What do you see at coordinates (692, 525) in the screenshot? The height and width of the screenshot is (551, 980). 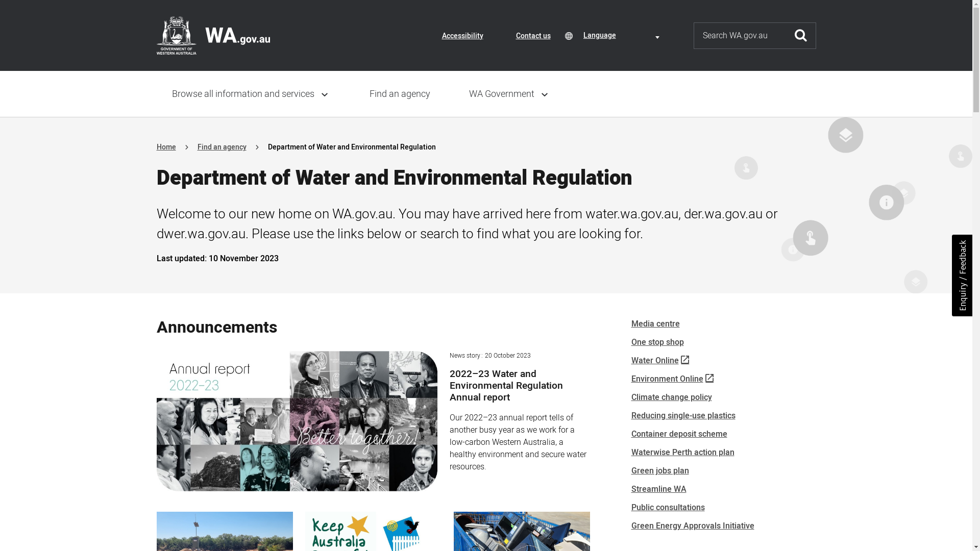 I see `'Green Energy Approvals Initiative'` at bounding box center [692, 525].